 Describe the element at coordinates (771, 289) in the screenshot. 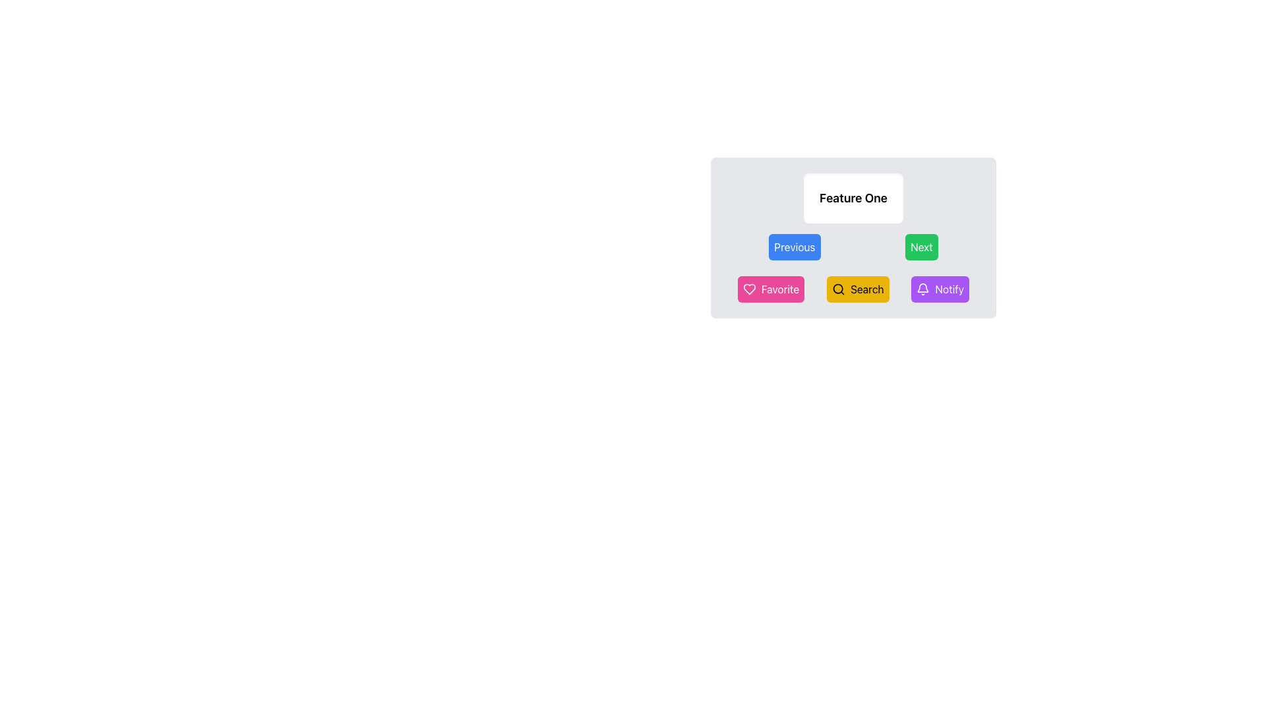

I see `the 'Favorite' button, which is a rounded rectangular button with a pink background and white text, located to the left of the 'Search' button under the heading 'Feature One', to mark the item as favorite` at that location.